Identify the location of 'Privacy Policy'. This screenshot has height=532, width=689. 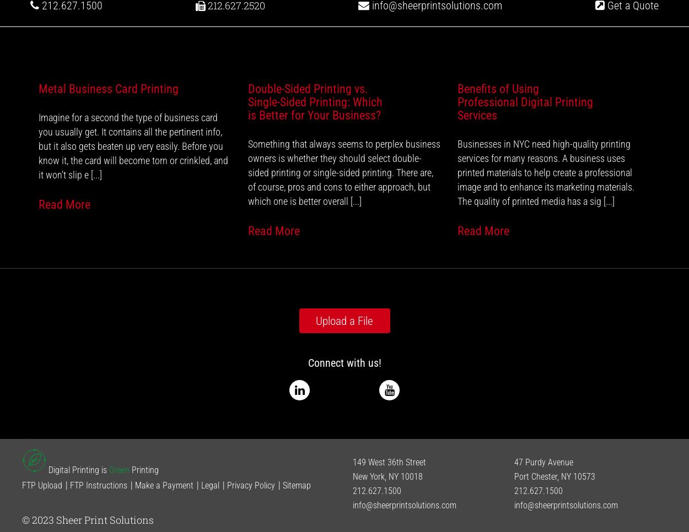
(250, 485).